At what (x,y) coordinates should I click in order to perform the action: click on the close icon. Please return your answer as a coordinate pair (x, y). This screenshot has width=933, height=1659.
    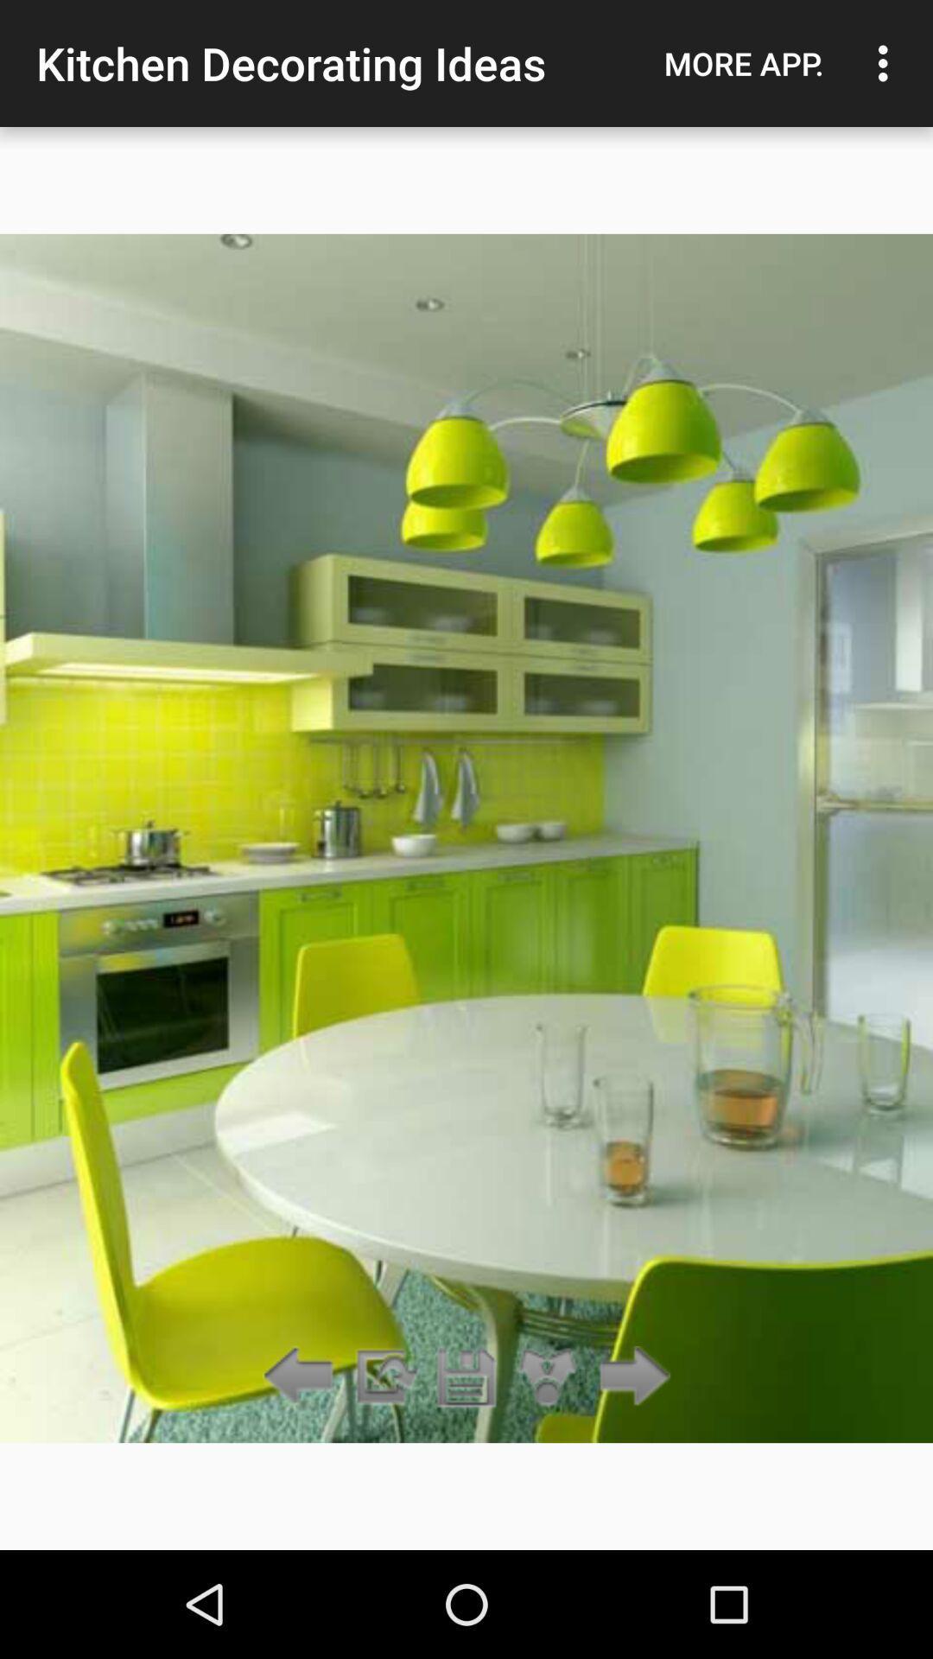
    Looking at the image, I should click on (384, 1376).